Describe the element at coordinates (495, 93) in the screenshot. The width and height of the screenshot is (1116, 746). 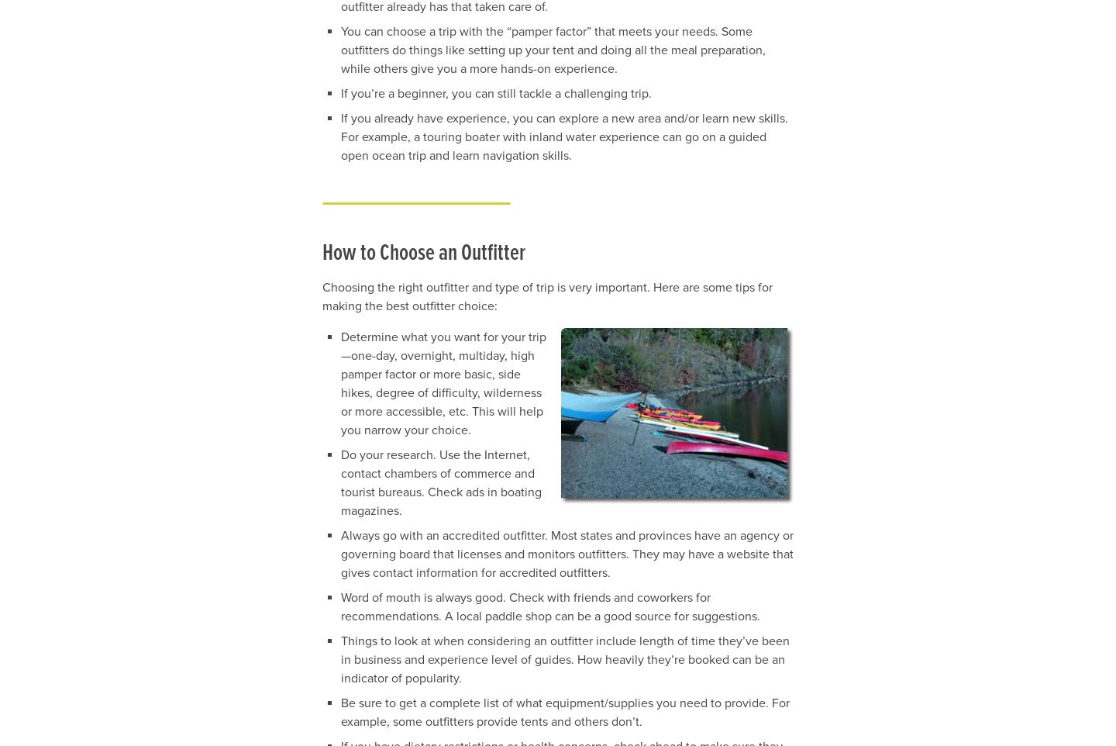
I see `'If you’re a beginner, you can still tackle a challenging trip.'` at that location.